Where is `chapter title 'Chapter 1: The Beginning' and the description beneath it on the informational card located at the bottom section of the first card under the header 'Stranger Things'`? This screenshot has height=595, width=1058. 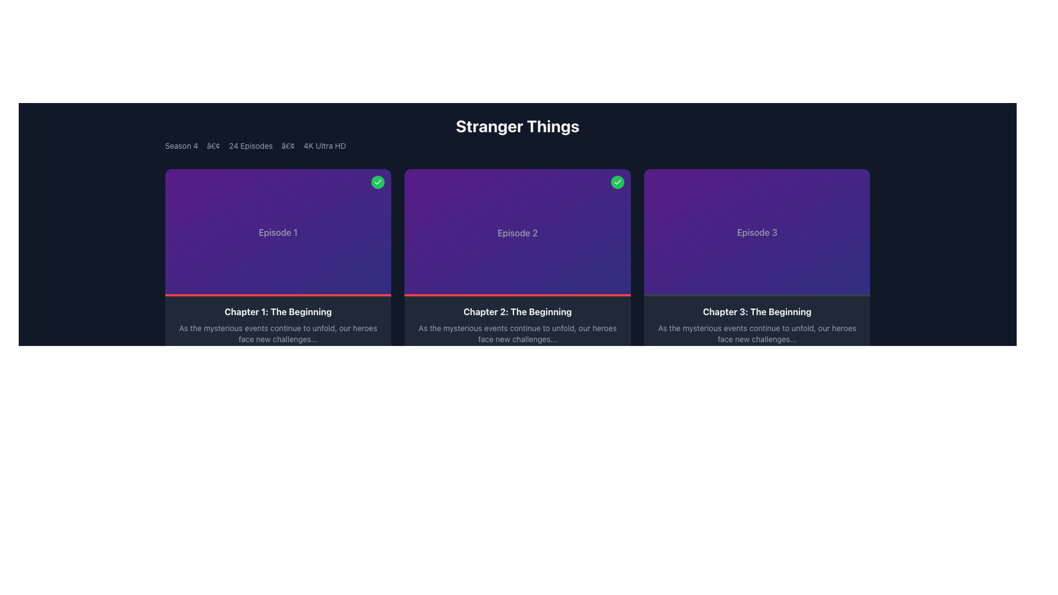
chapter title 'Chapter 1: The Beginning' and the description beneath it on the informational card located at the bottom section of the first card under the header 'Stranger Things' is located at coordinates (278, 337).